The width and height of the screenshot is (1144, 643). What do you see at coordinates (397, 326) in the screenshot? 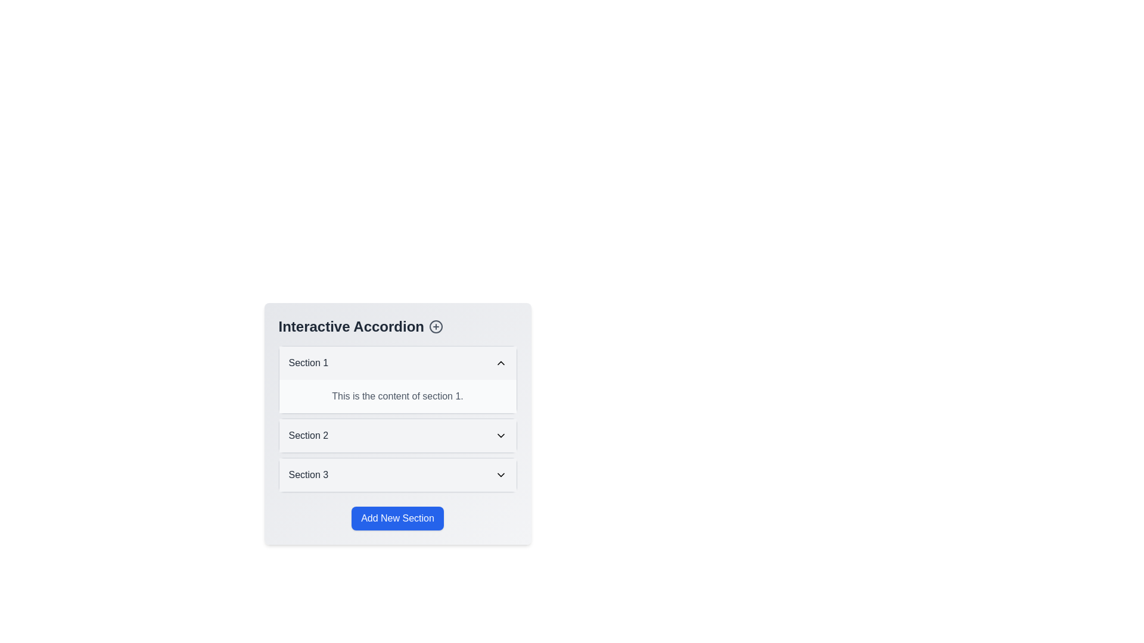
I see `the 'Interactive Accordion' heading to read the label, which is styled in bold with a plus sign icon next to it` at bounding box center [397, 326].